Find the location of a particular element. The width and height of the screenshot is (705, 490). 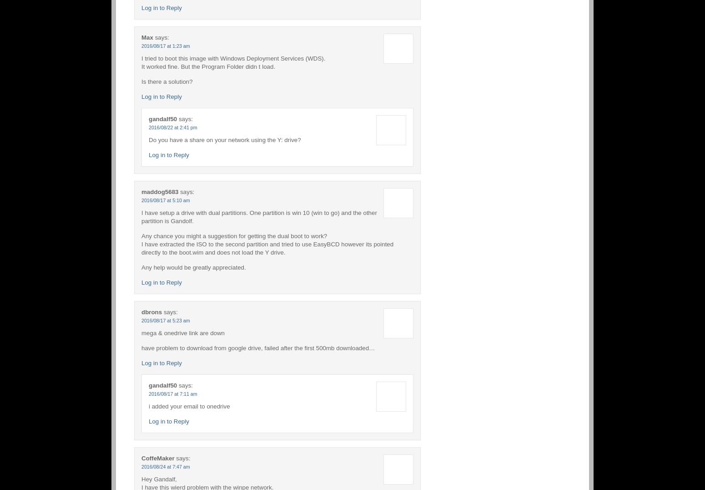

'2016/08/17 at 7:11 am' is located at coordinates (172, 393).